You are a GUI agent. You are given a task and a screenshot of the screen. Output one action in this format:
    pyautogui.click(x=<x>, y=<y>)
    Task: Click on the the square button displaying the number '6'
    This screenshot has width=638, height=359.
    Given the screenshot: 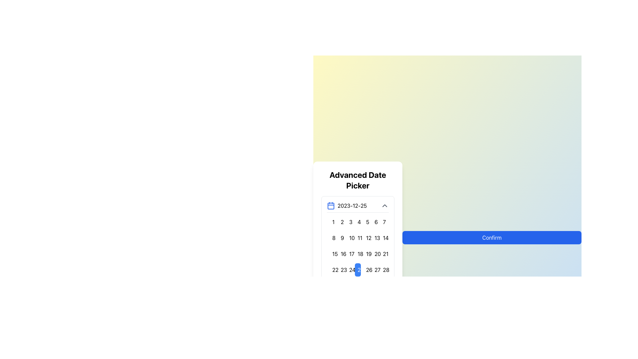 What is the action you would take?
    pyautogui.click(x=374, y=222)
    